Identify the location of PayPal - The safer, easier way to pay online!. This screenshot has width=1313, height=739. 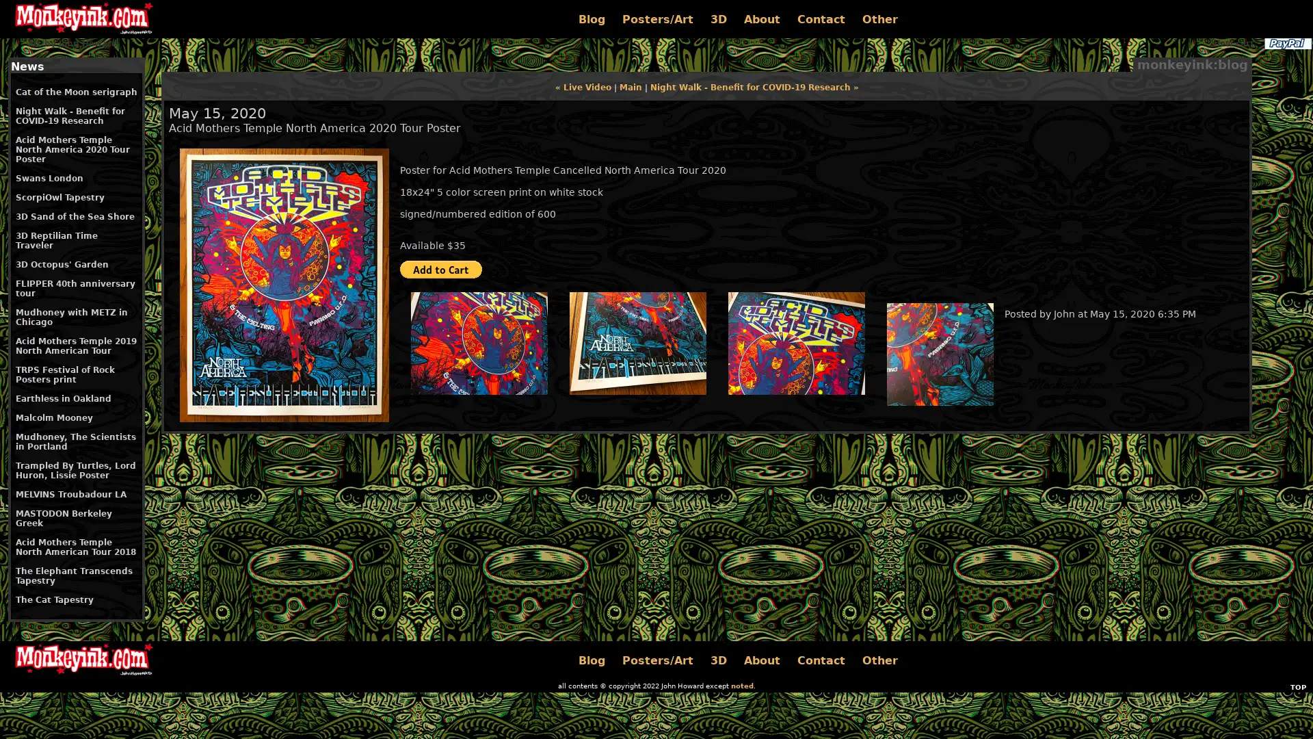
(440, 269).